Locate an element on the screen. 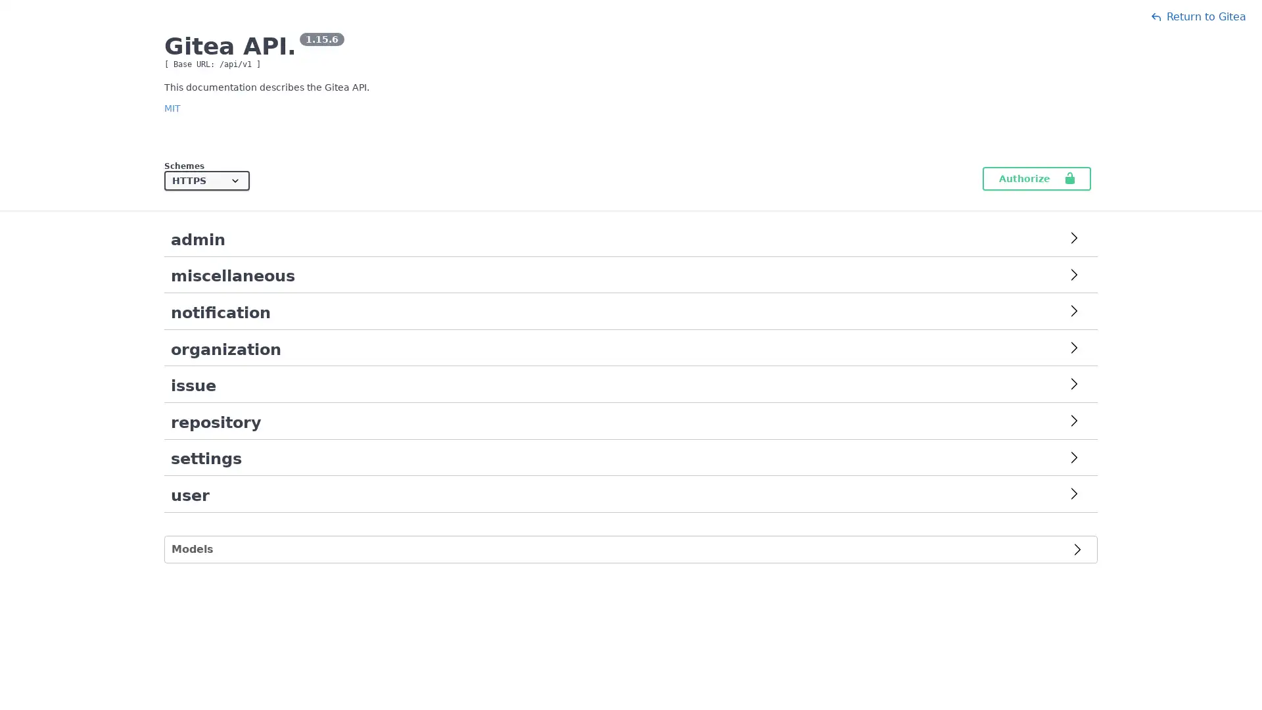 This screenshot has width=1262, height=710. Expand operation is located at coordinates (1073, 385).